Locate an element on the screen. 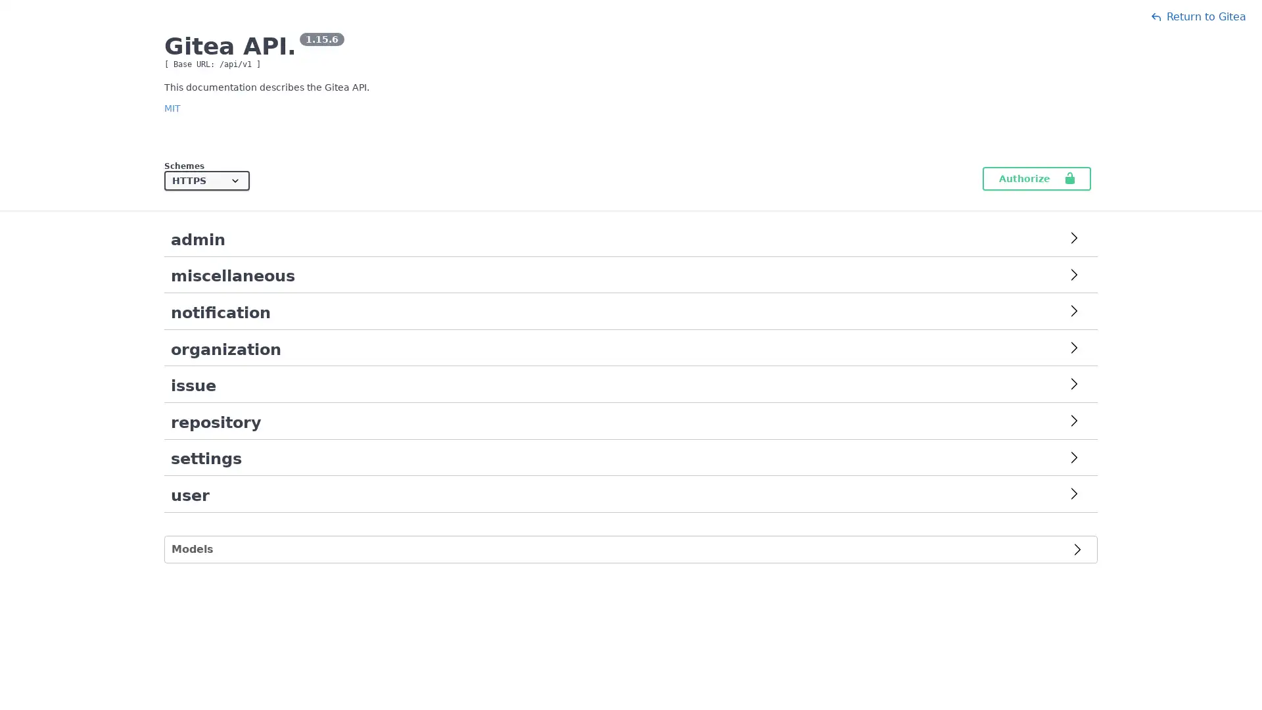 This screenshot has width=1262, height=710. Expand operation is located at coordinates (1073, 385).